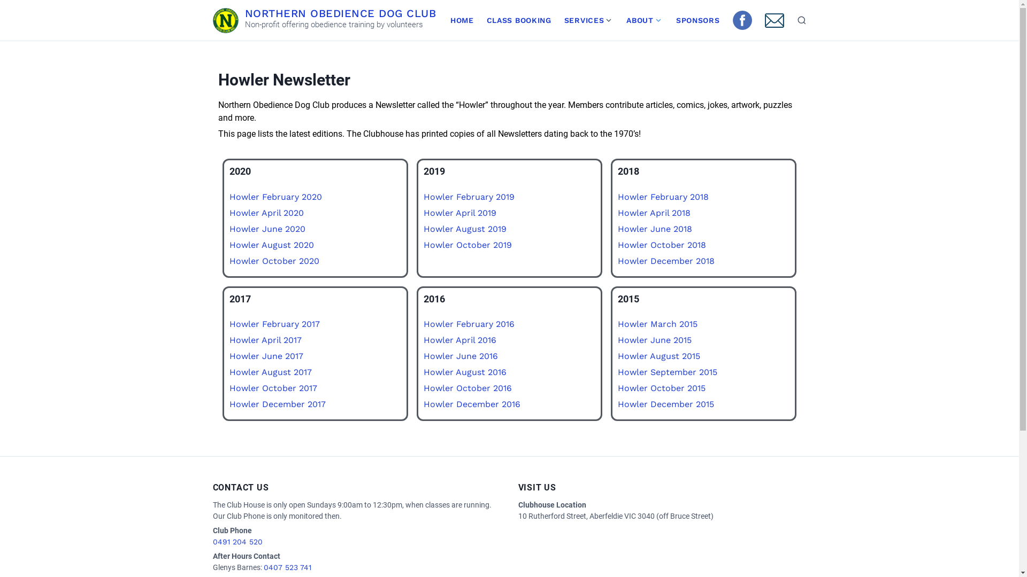 Image resolution: width=1027 pixels, height=577 pixels. What do you see at coordinates (665, 260) in the screenshot?
I see `'Howler December 2018'` at bounding box center [665, 260].